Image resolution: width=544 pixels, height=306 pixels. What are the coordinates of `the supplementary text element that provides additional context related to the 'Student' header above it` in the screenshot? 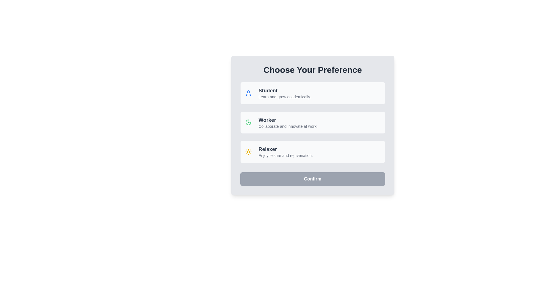 It's located at (284, 97).